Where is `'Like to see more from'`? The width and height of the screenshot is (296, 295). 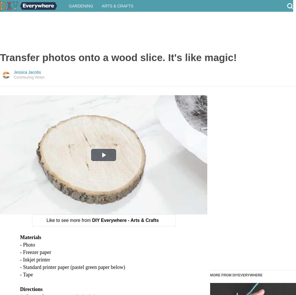 'Like to see more from' is located at coordinates (69, 226).